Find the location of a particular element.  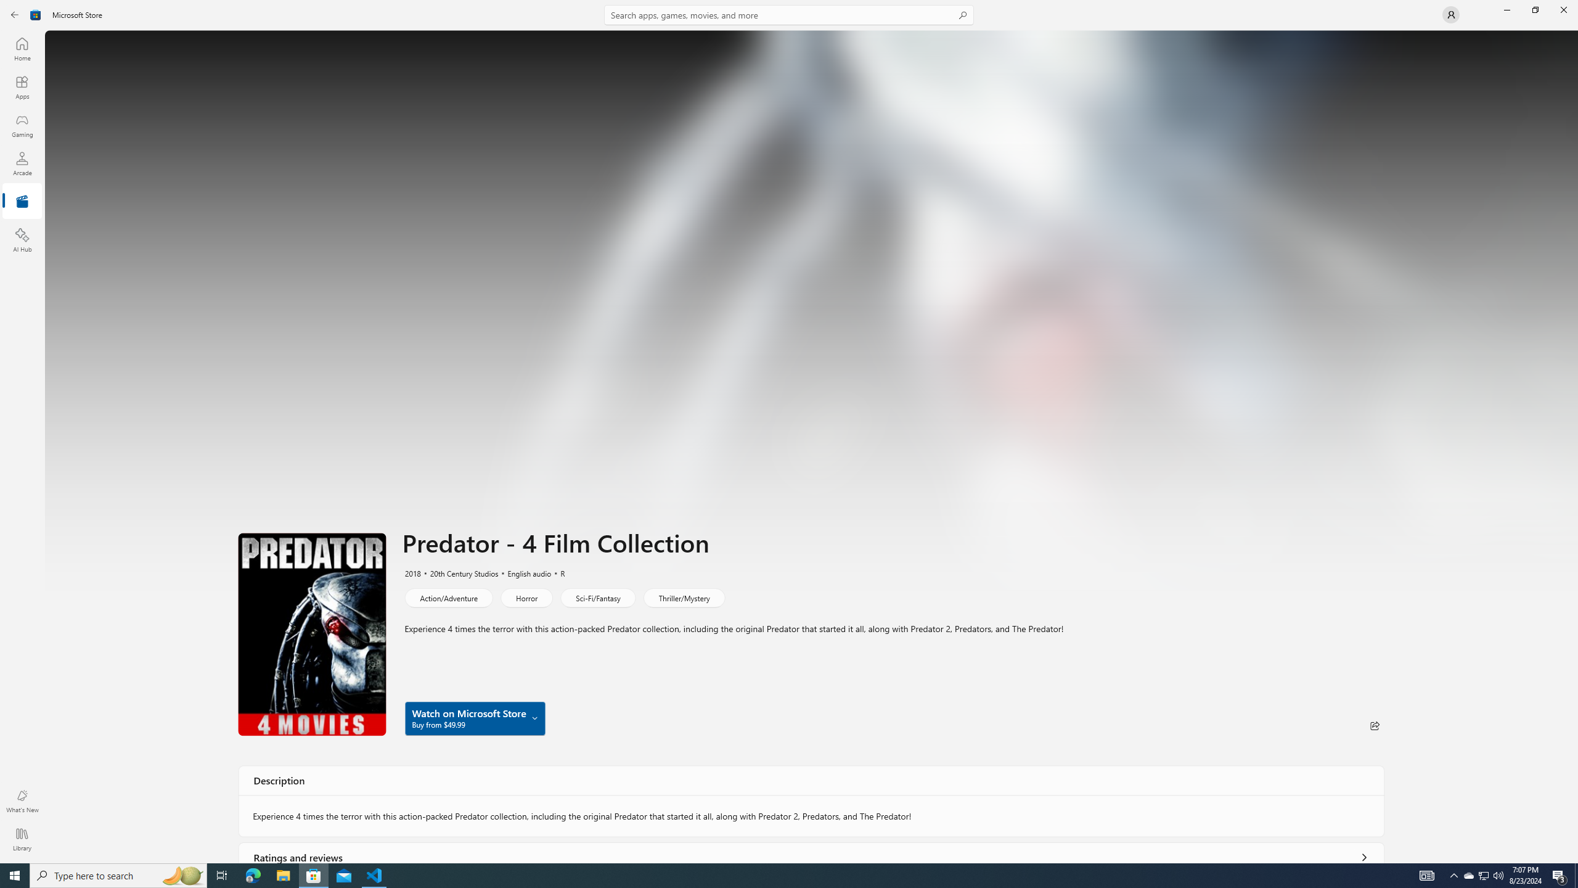

'Sci-Fi/Fantasy' is located at coordinates (598, 597).